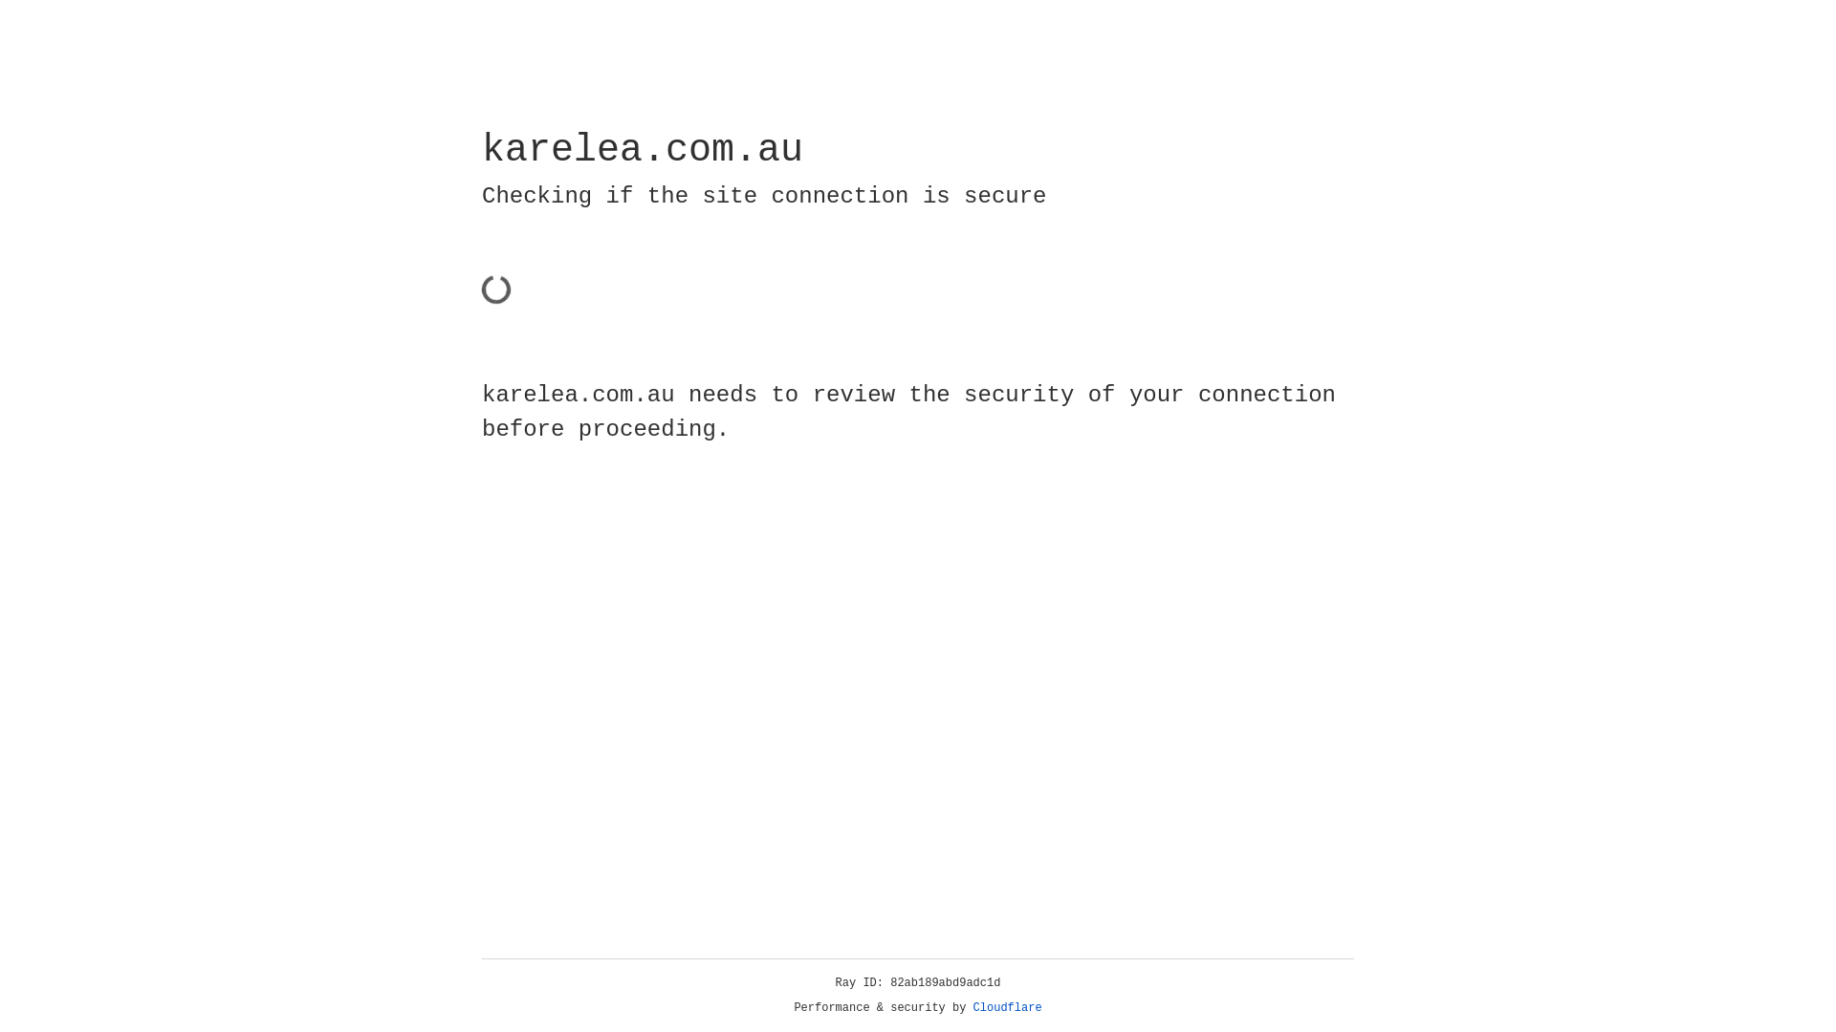 The width and height of the screenshot is (1836, 1032). Describe the element at coordinates (1007, 1007) in the screenshot. I see `'Cloudflare'` at that location.